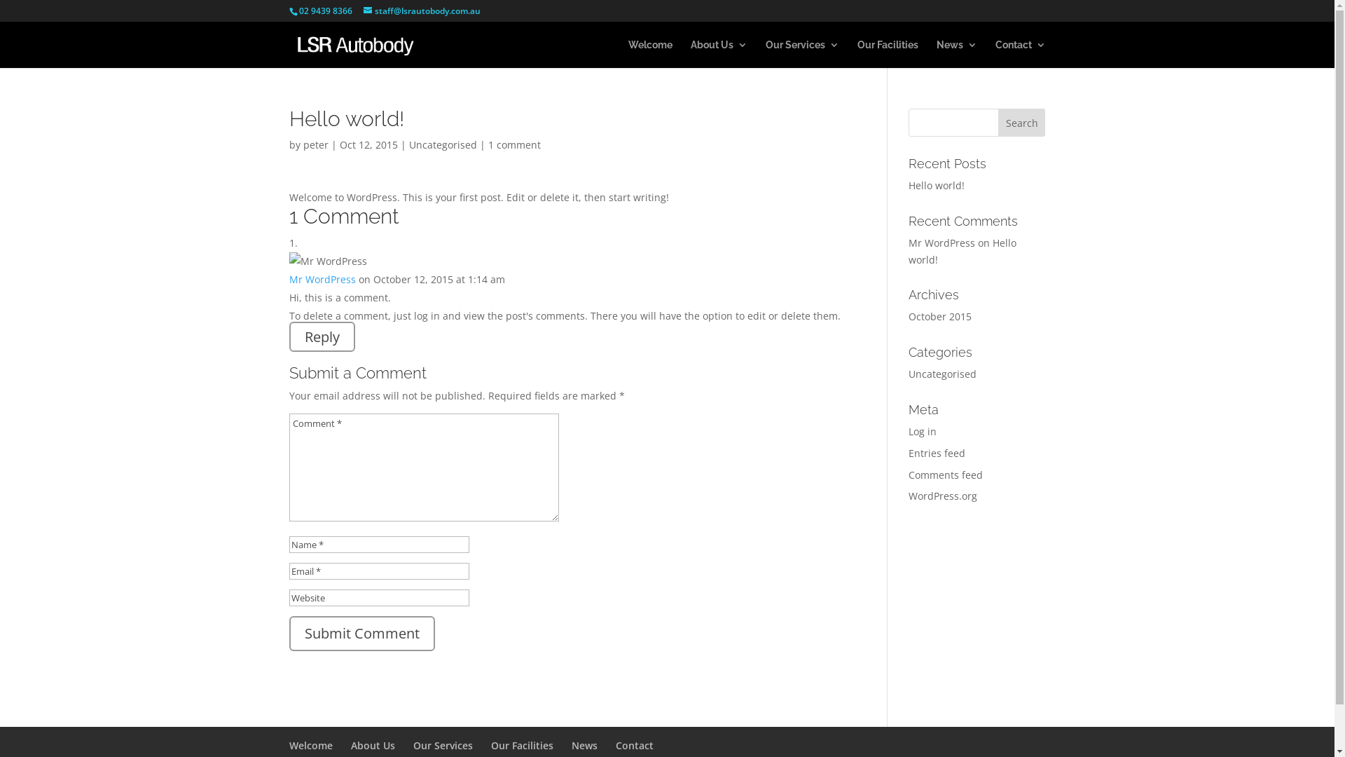 The width and height of the screenshot is (1345, 757). What do you see at coordinates (633, 744) in the screenshot?
I see `'Contact'` at bounding box center [633, 744].